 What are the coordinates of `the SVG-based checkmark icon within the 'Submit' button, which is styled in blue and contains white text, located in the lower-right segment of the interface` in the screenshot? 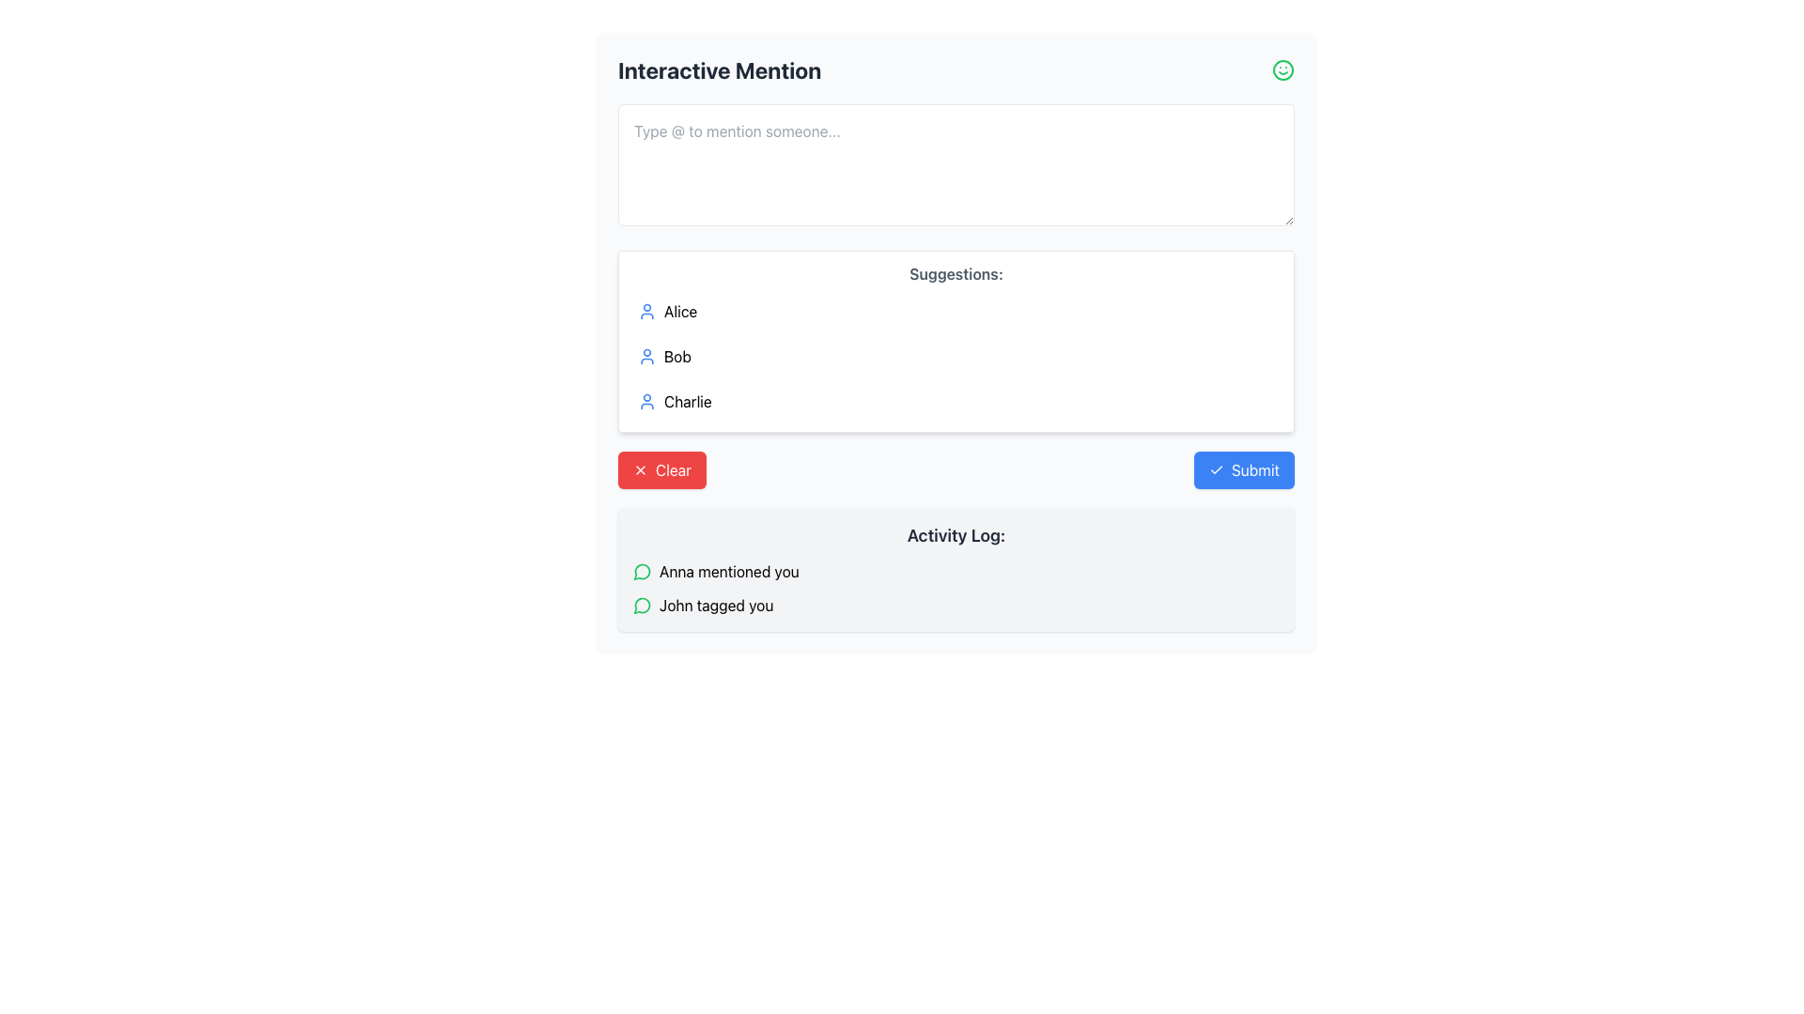 It's located at (1216, 469).